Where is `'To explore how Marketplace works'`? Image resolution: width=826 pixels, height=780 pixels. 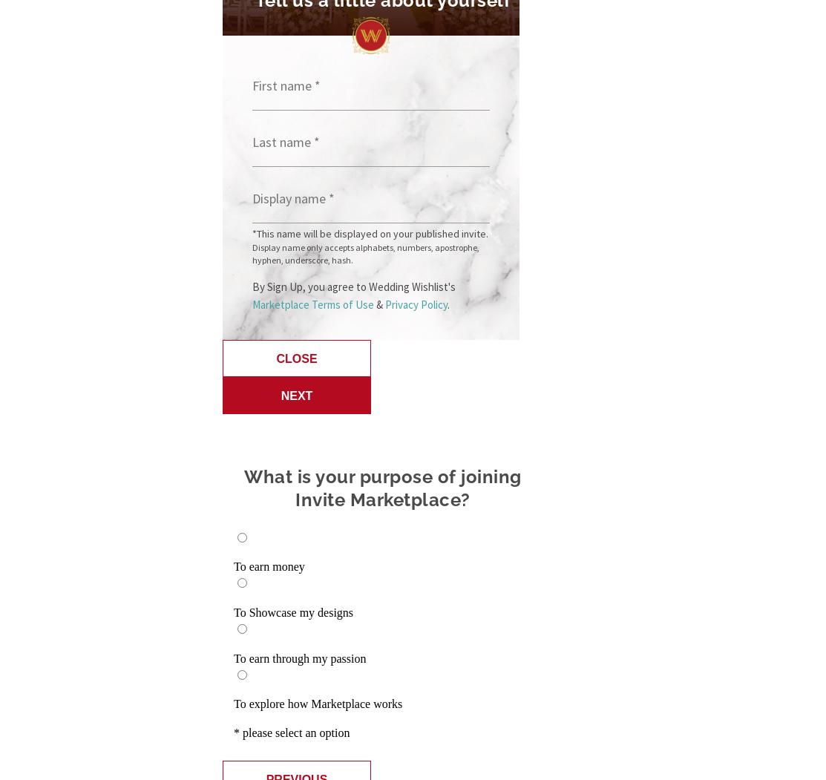 'To explore how Marketplace works' is located at coordinates (317, 703).